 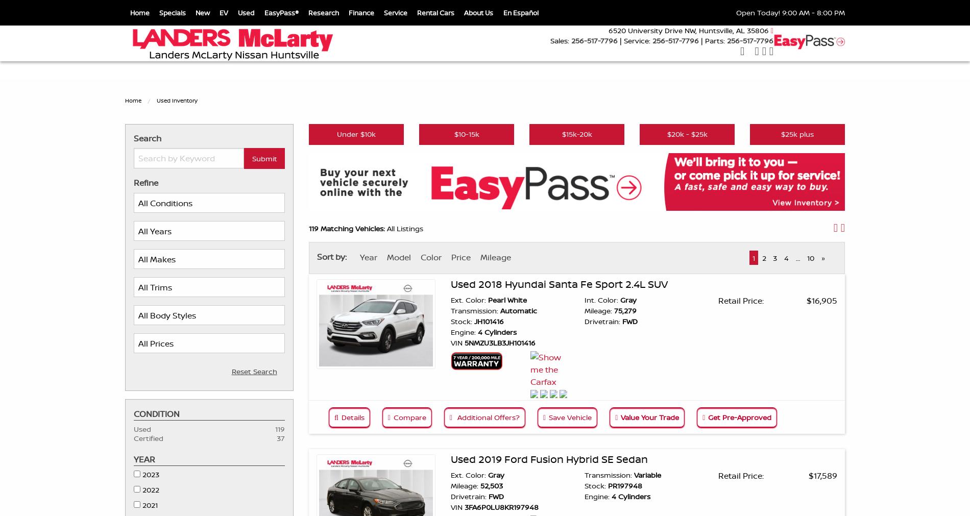 What do you see at coordinates (500, 506) in the screenshot?
I see `'3FA6P0LU8KR197948'` at bounding box center [500, 506].